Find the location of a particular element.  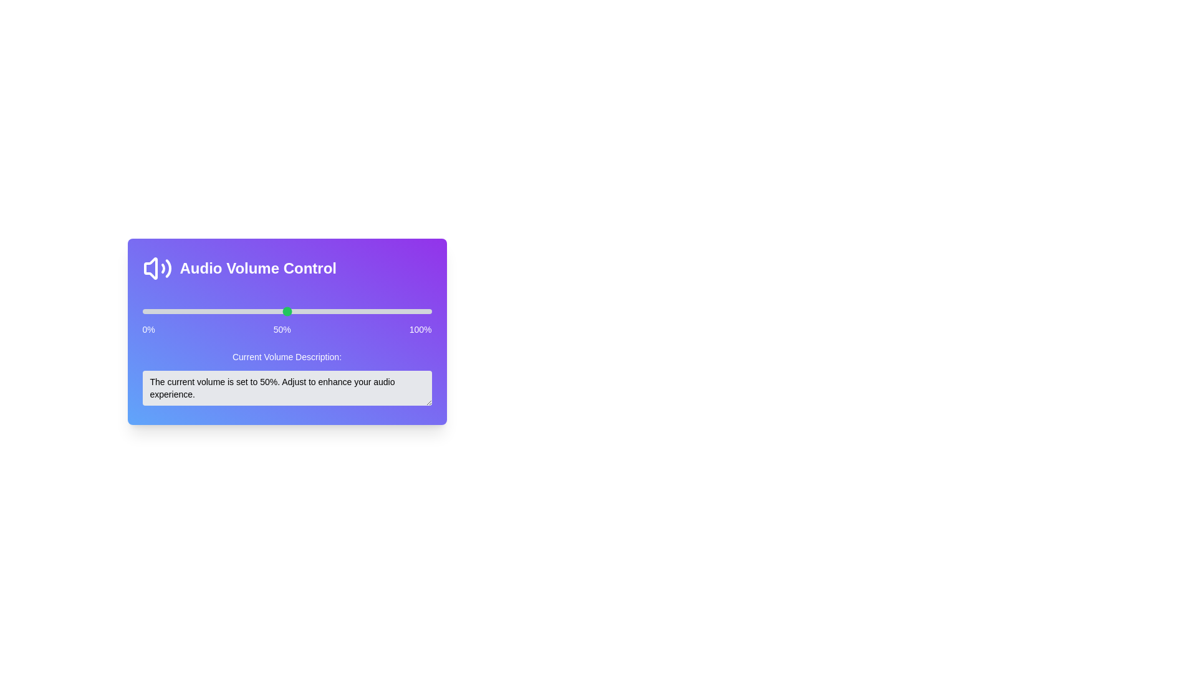

the volume slider to 80% is located at coordinates (373, 311).